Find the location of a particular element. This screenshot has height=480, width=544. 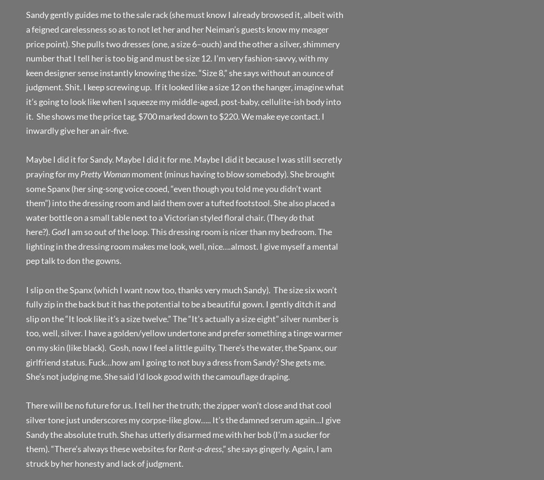

'God' is located at coordinates (58, 231).